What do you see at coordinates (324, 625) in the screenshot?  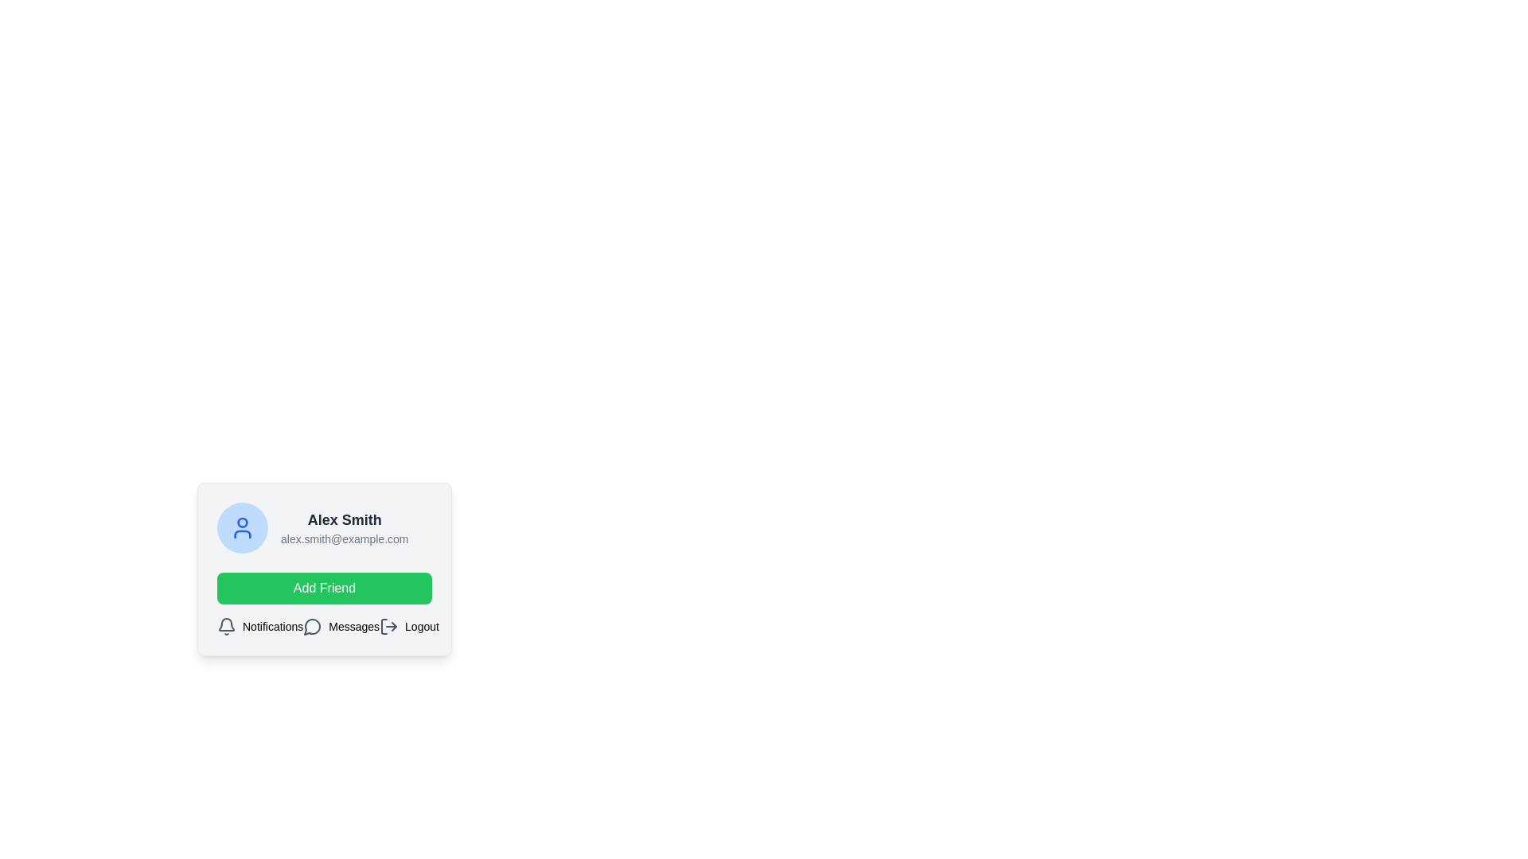 I see `the 'Messages' option in the horizontal navigation bar located at the bottom of the card` at bounding box center [324, 625].